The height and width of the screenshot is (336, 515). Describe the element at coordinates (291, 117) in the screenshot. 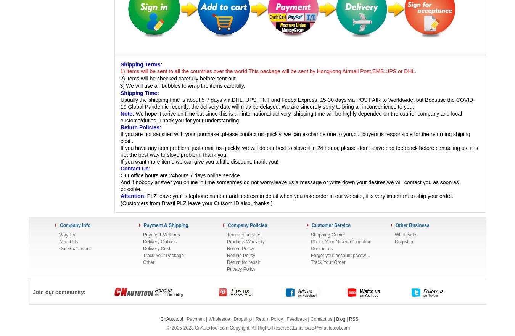

I see `'tional delivery, shipping time will be highly depended on the courier company and local customs/duties. Thank you for your understanding'` at that location.